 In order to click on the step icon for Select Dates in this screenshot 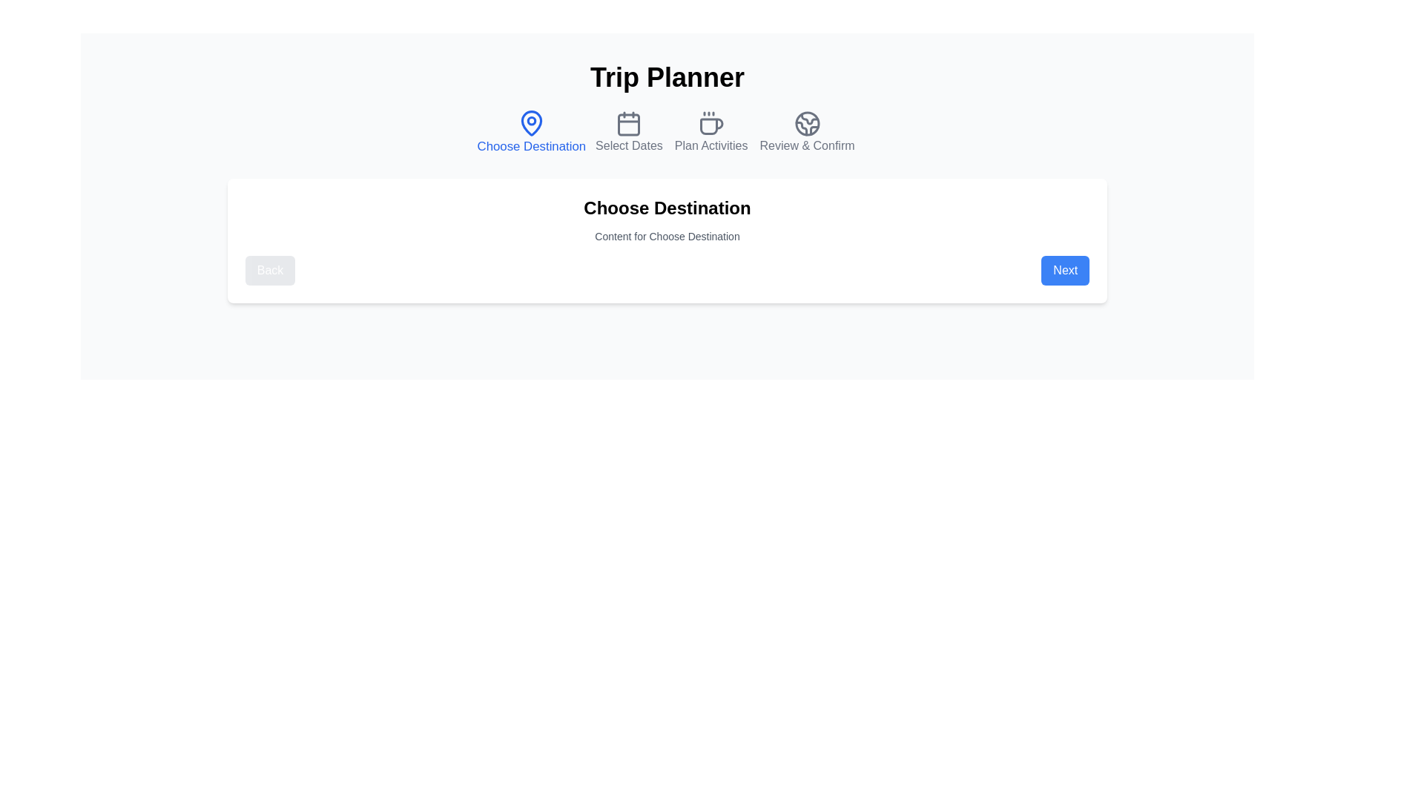, I will do `click(629, 131)`.